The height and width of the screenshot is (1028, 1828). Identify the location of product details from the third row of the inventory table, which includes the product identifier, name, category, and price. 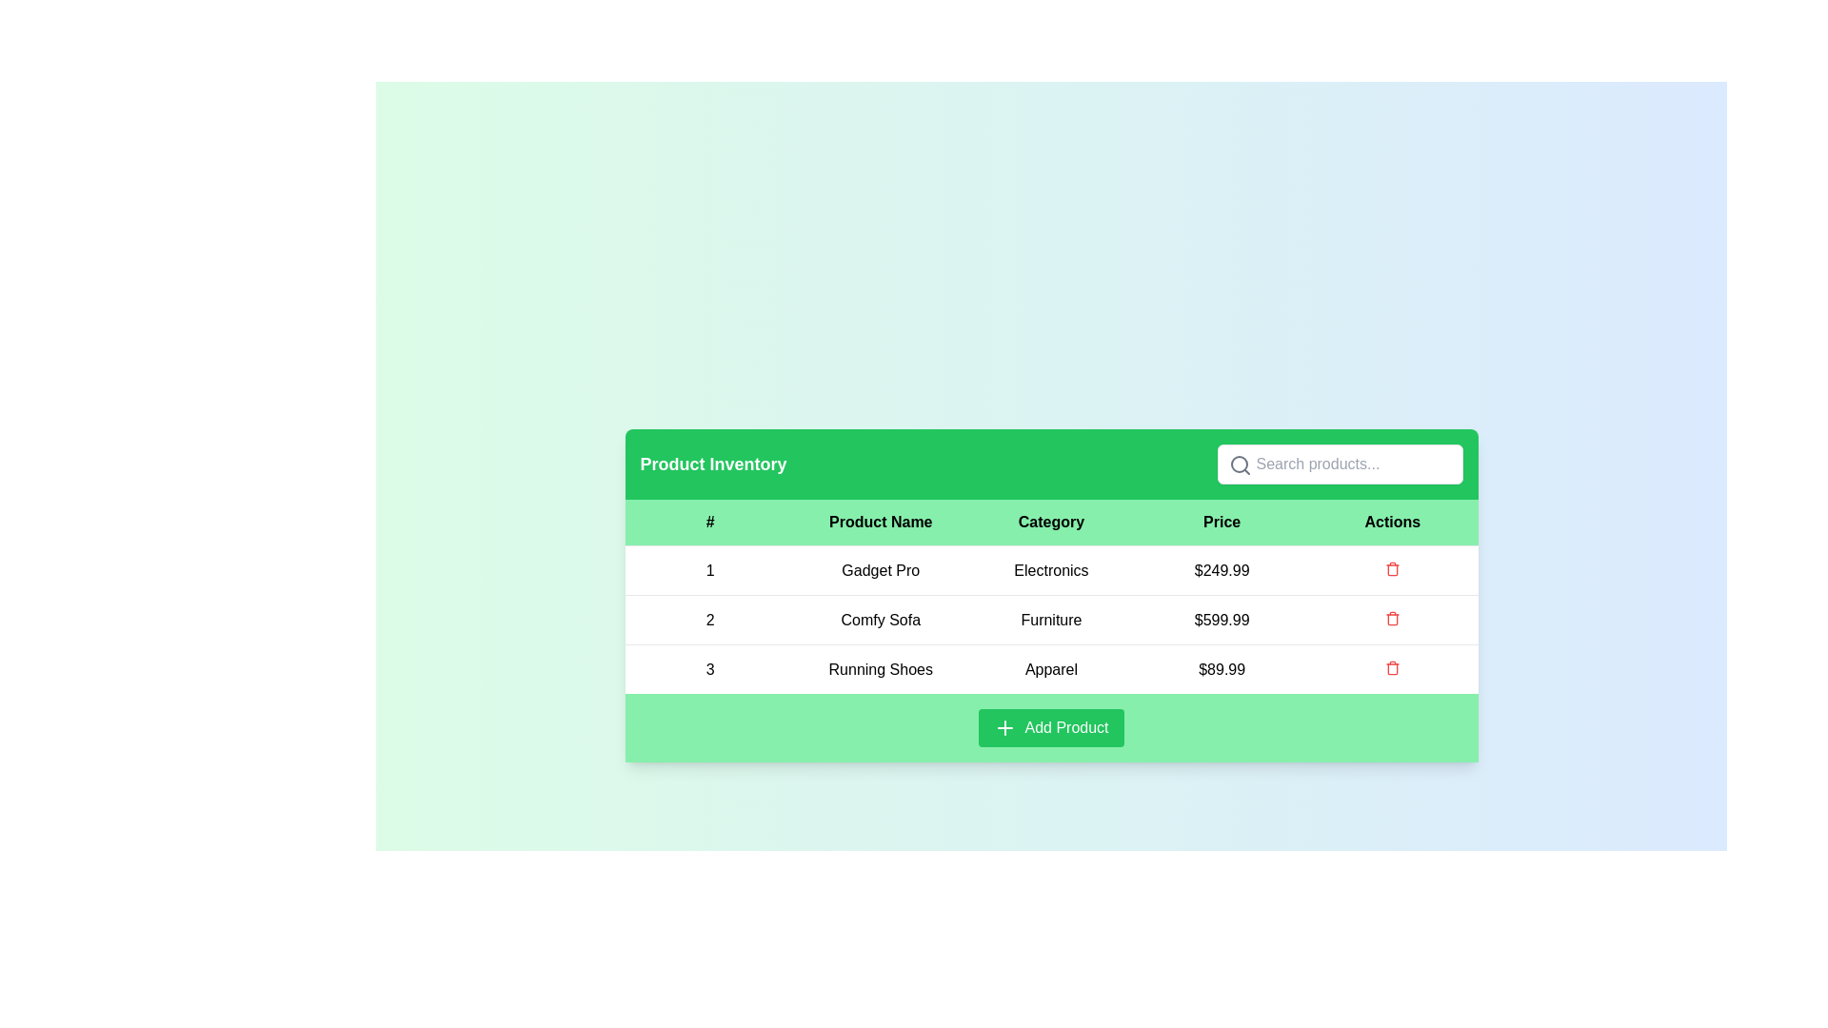
(1050, 668).